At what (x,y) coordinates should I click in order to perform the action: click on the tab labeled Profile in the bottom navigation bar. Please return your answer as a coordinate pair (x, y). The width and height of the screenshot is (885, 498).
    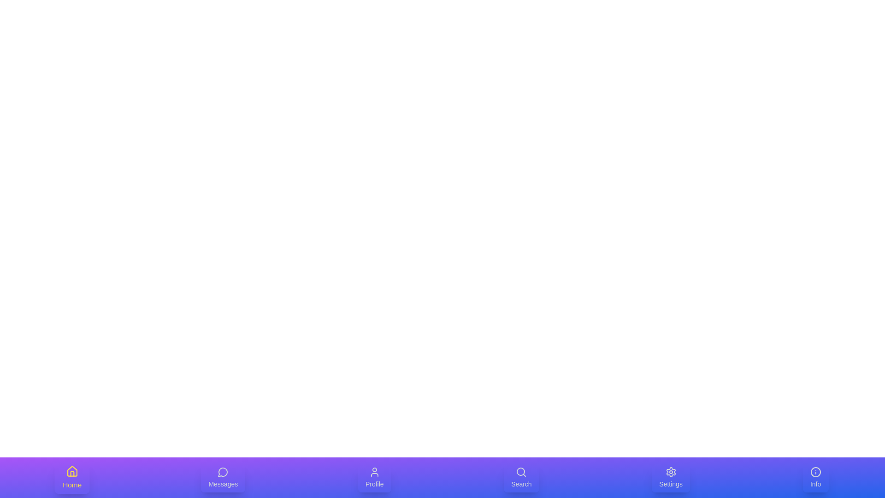
    Looking at the image, I should click on (374, 477).